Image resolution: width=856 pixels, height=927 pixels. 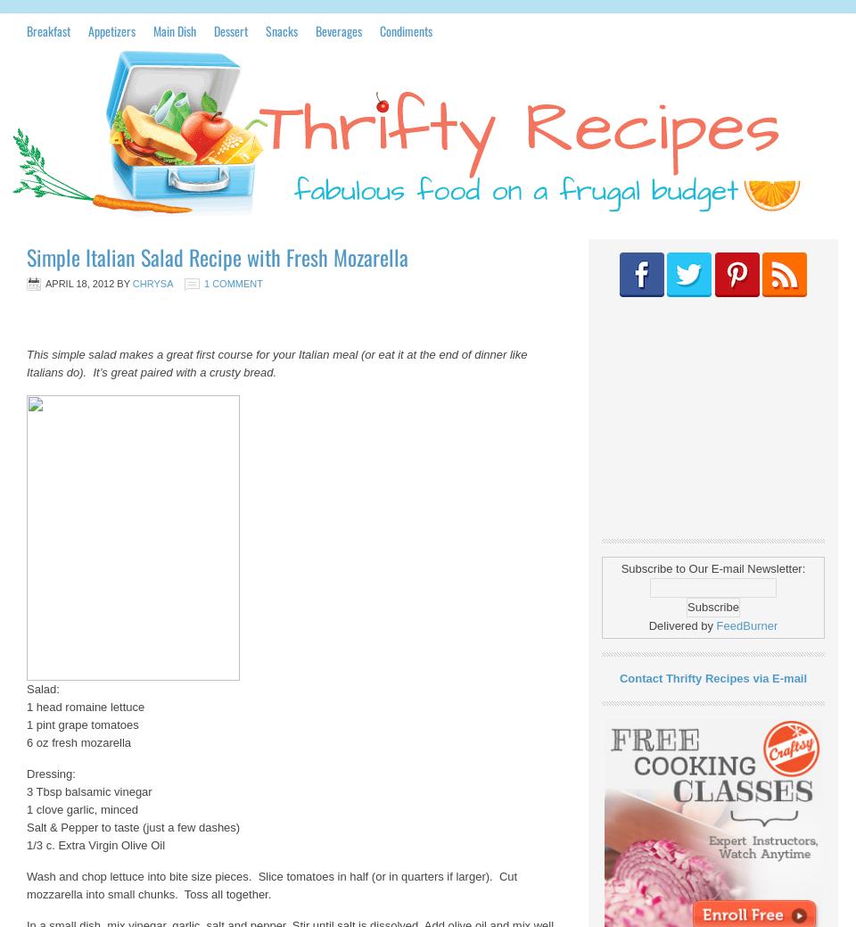 What do you see at coordinates (217, 257) in the screenshot?
I see `'Simple Italian Salad Recipe with Fresh Mozarella'` at bounding box center [217, 257].